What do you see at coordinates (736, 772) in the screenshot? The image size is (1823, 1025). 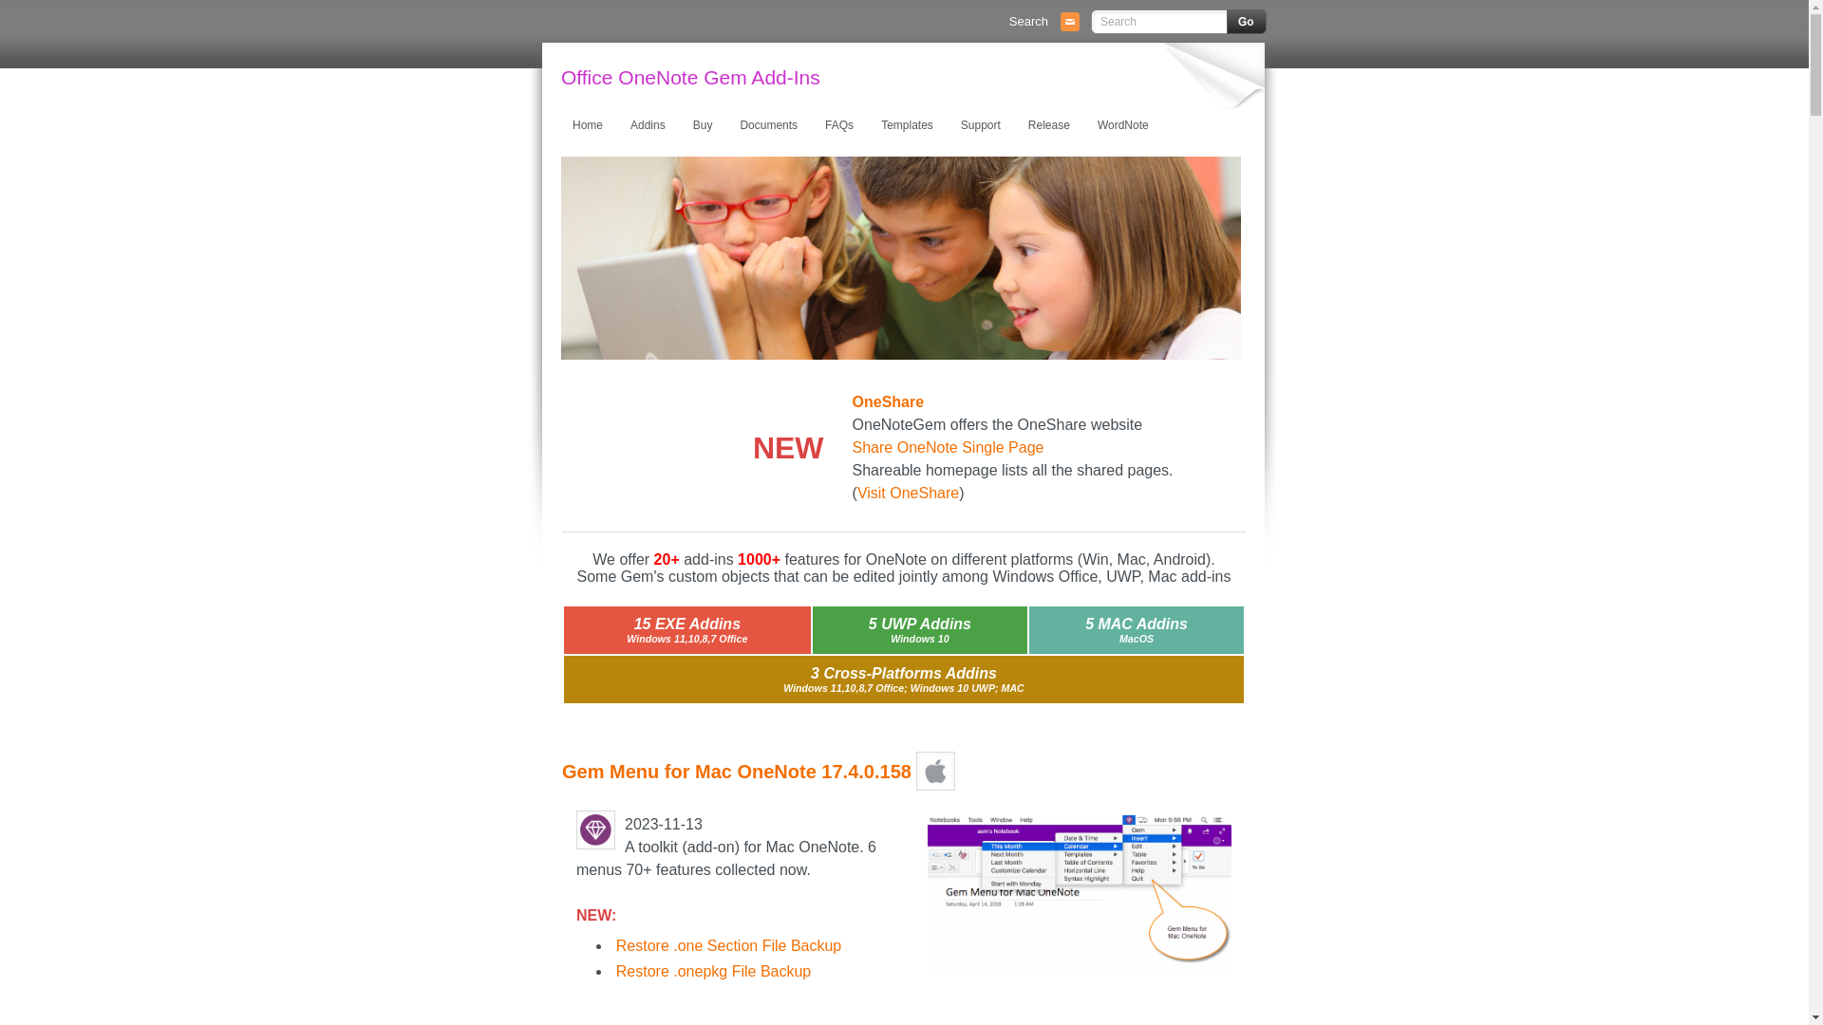 I see `'Gem Menu for Mac OneNote 17.4.0.158'` at bounding box center [736, 772].